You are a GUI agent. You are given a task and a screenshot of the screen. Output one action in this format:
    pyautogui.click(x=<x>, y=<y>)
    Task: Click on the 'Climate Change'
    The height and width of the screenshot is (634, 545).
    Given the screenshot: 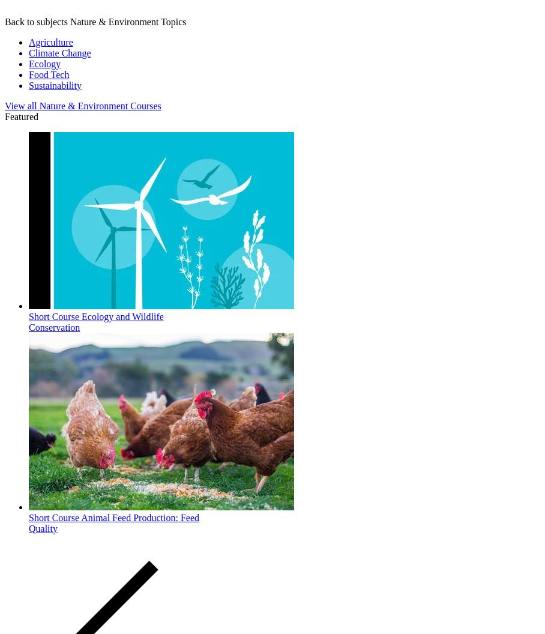 What is the action you would take?
    pyautogui.click(x=59, y=52)
    